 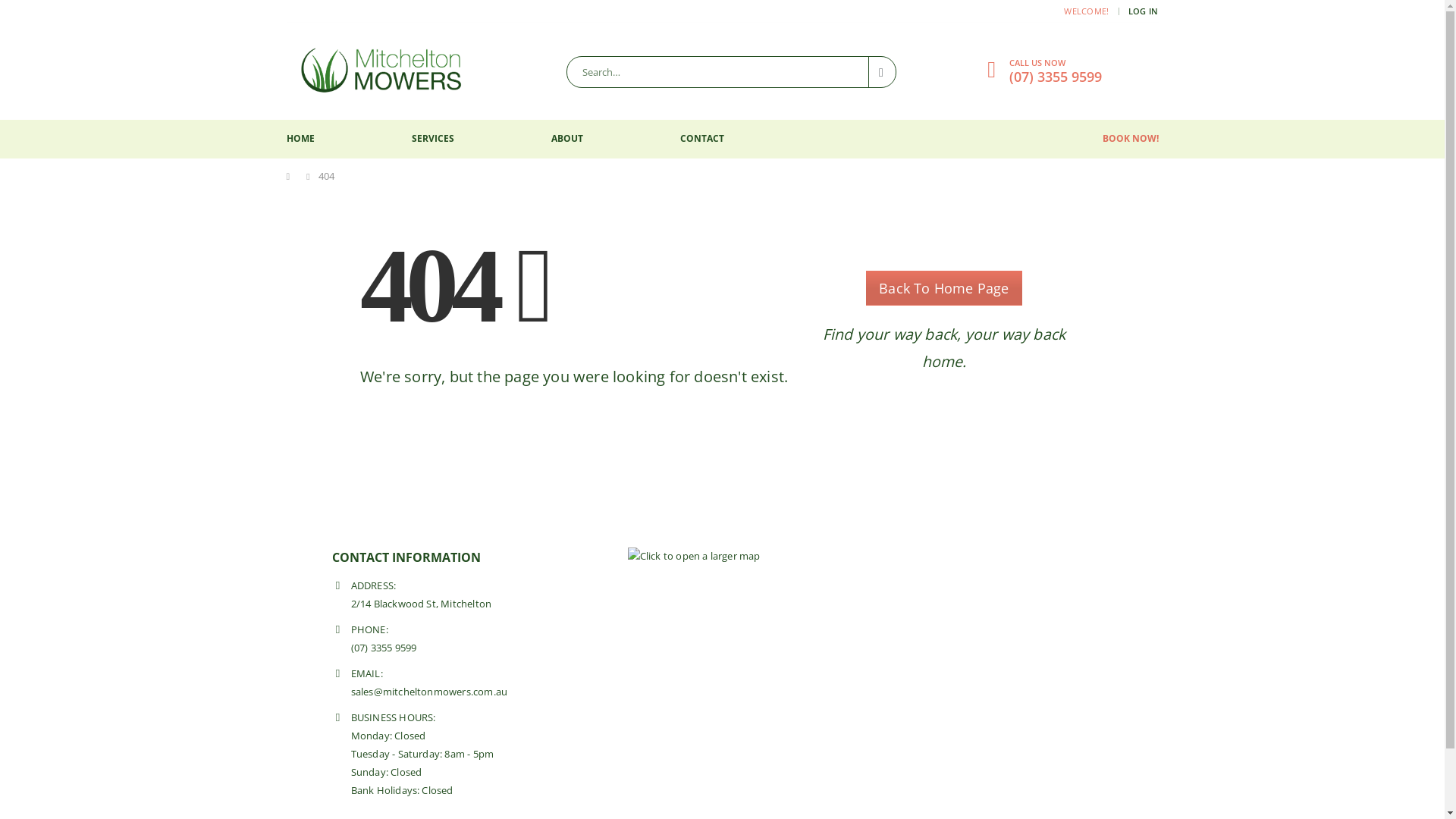 I want to click on 'CALL US NOW, so click(x=1008, y=69).